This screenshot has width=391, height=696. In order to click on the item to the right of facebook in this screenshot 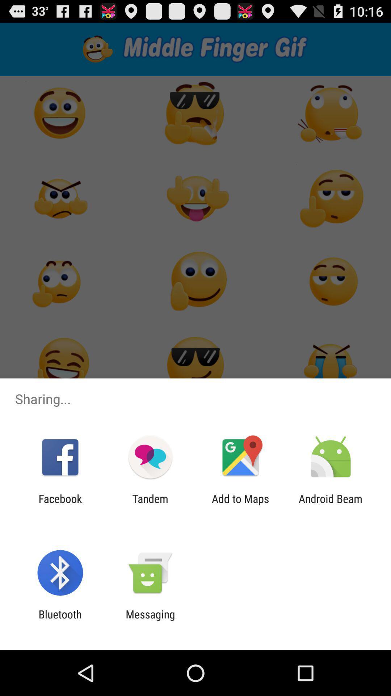, I will do `click(150, 505)`.